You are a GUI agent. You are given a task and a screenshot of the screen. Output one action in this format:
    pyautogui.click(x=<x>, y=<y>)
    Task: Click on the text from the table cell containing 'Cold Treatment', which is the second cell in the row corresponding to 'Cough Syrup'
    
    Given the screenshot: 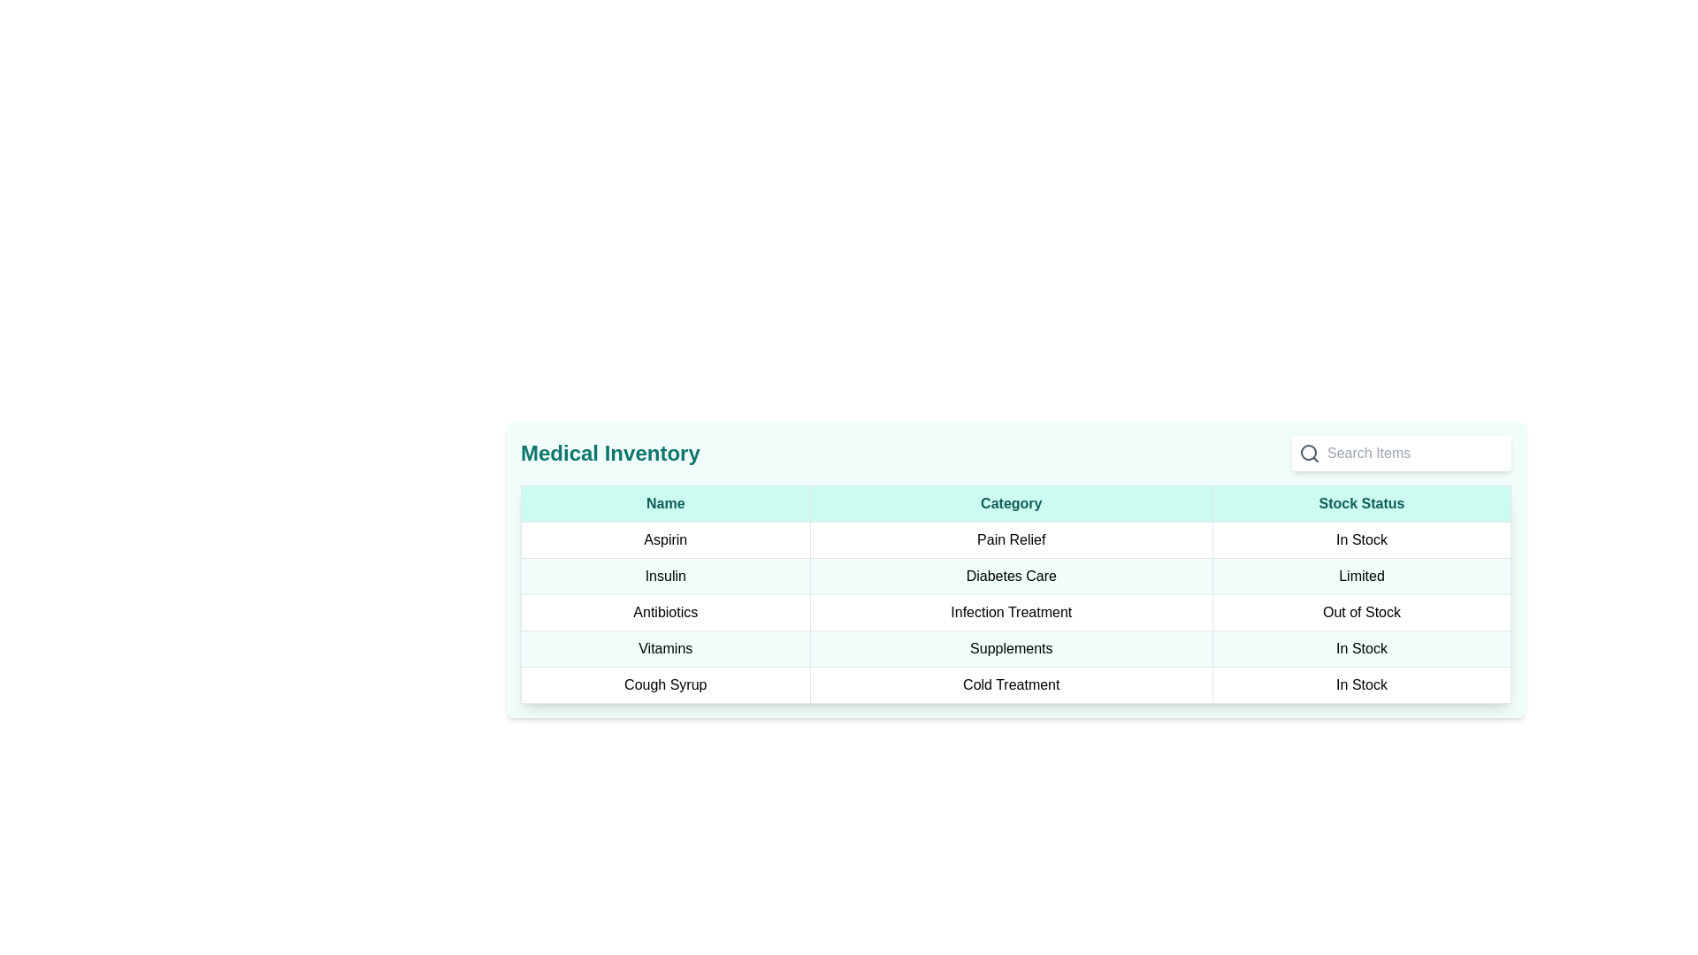 What is the action you would take?
    pyautogui.click(x=1011, y=684)
    